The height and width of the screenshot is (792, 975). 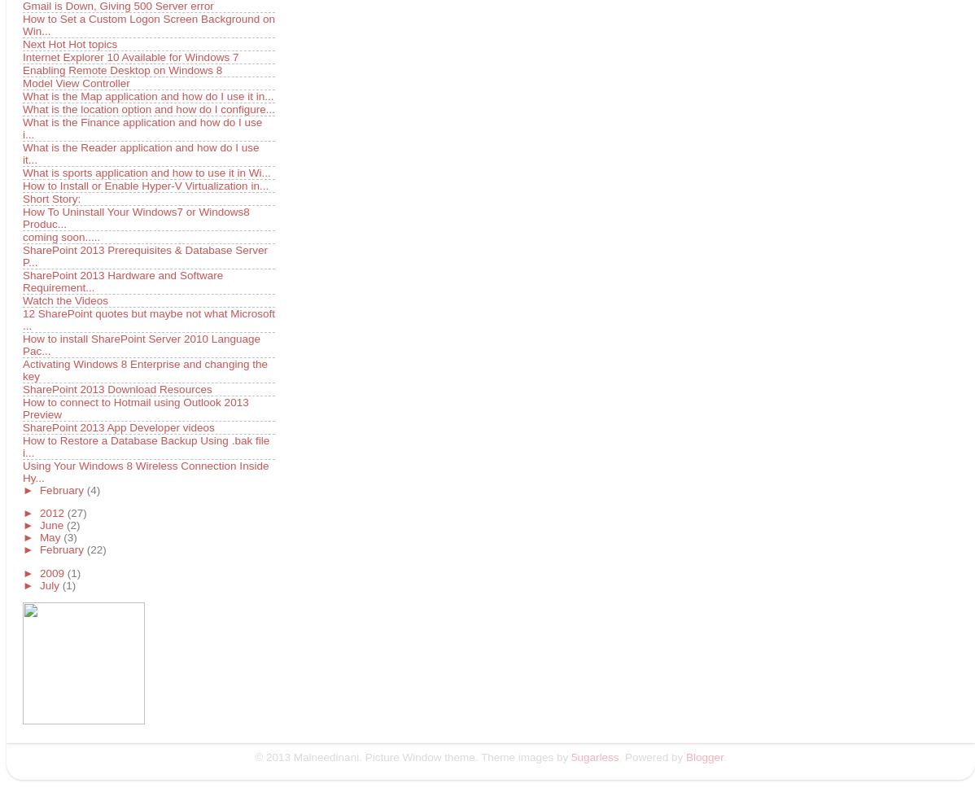 What do you see at coordinates (121, 281) in the screenshot?
I see `'SharePoint 2013  Hardware and Software Requirement...'` at bounding box center [121, 281].